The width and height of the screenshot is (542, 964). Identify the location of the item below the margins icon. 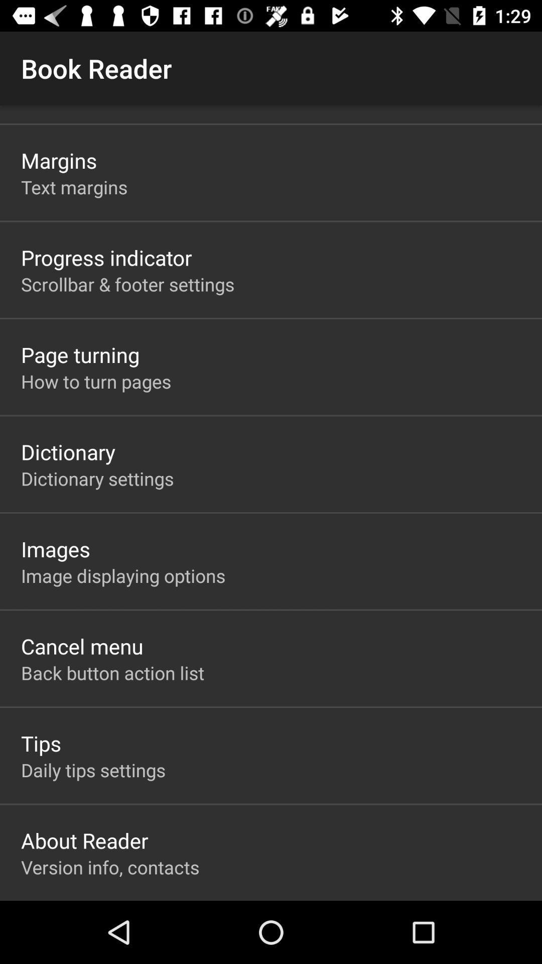
(74, 187).